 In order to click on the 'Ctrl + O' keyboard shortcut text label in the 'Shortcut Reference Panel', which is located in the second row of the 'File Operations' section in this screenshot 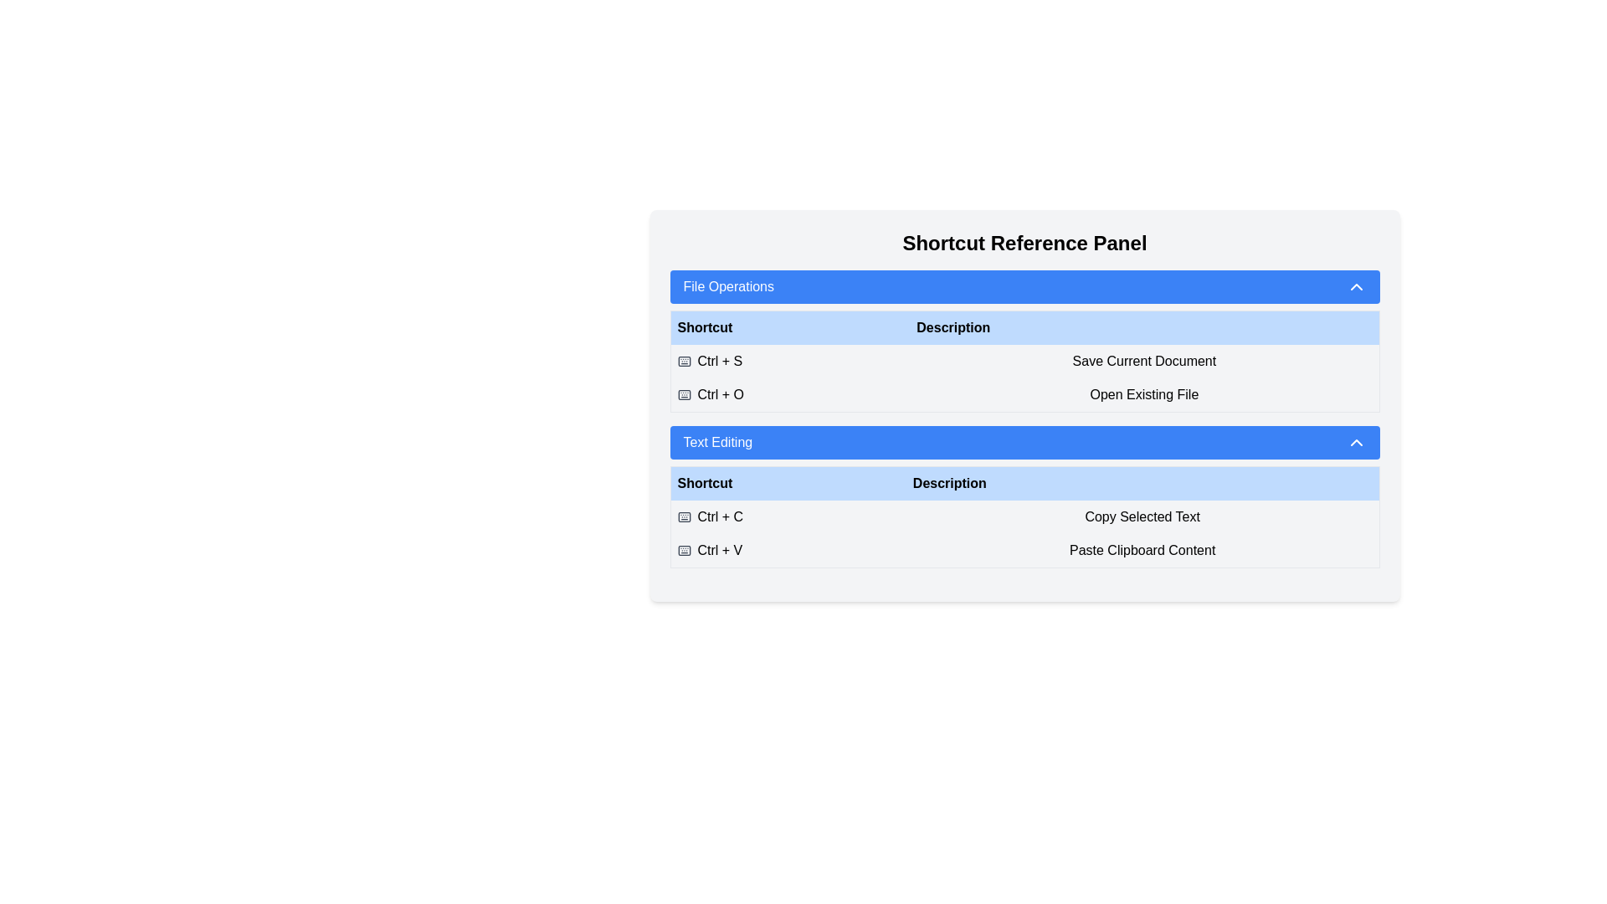, I will do `click(721, 394)`.